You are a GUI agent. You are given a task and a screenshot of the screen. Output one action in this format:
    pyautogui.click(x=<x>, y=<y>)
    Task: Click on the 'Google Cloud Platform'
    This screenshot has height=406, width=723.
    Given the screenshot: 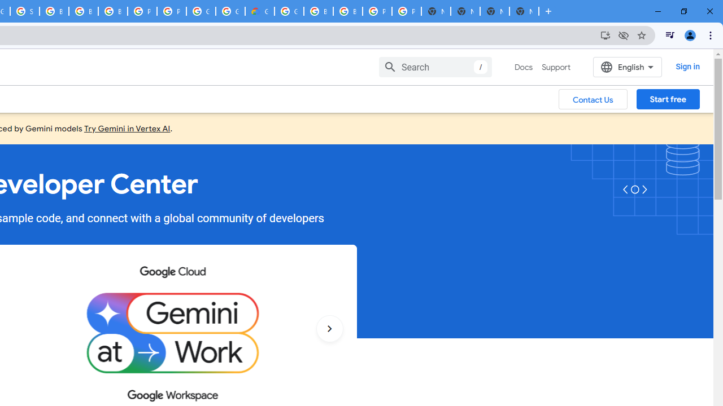 What is the action you would take?
    pyautogui.click(x=229, y=11)
    